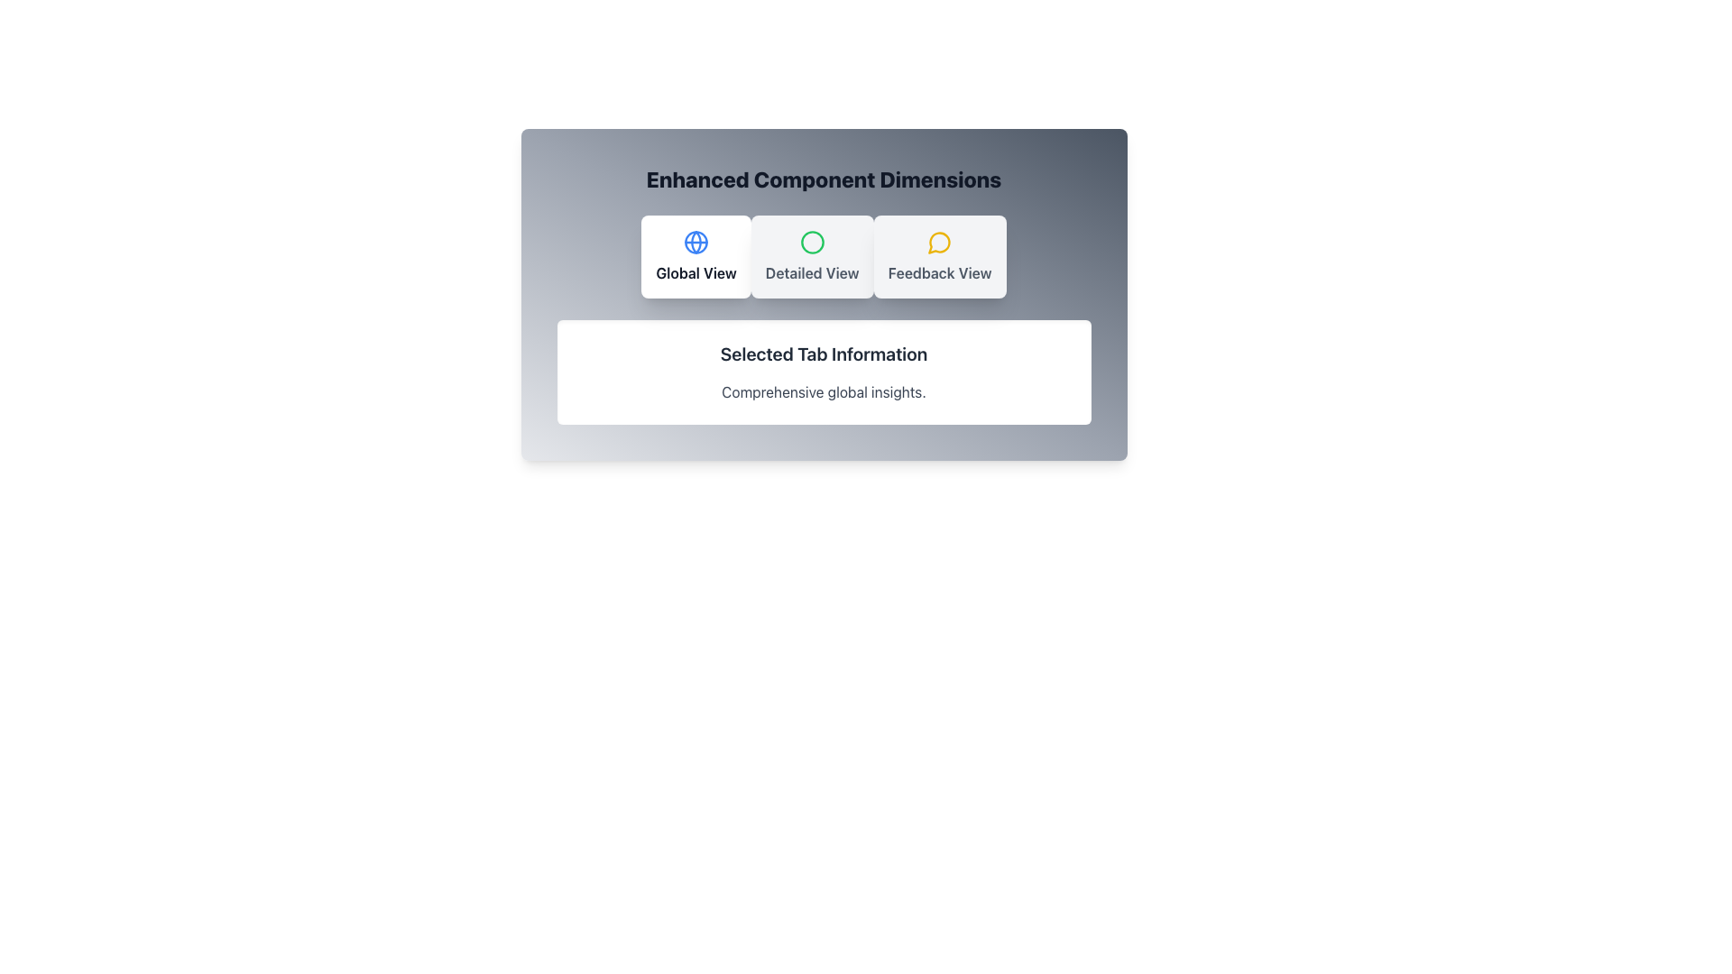 Image resolution: width=1732 pixels, height=974 pixels. I want to click on the circular blue element within the globe icon in the 'Global View' tab, so click(696, 242).